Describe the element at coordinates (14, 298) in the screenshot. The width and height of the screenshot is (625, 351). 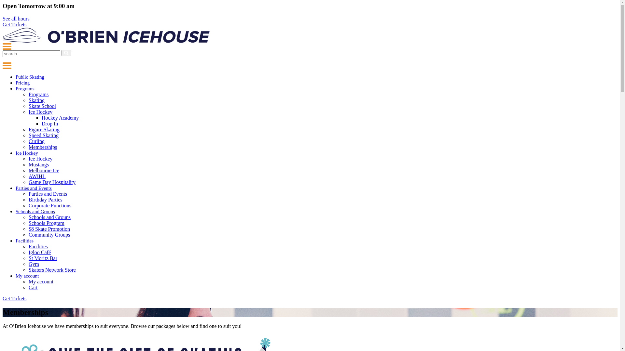
I see `'Get Tickets'` at that location.